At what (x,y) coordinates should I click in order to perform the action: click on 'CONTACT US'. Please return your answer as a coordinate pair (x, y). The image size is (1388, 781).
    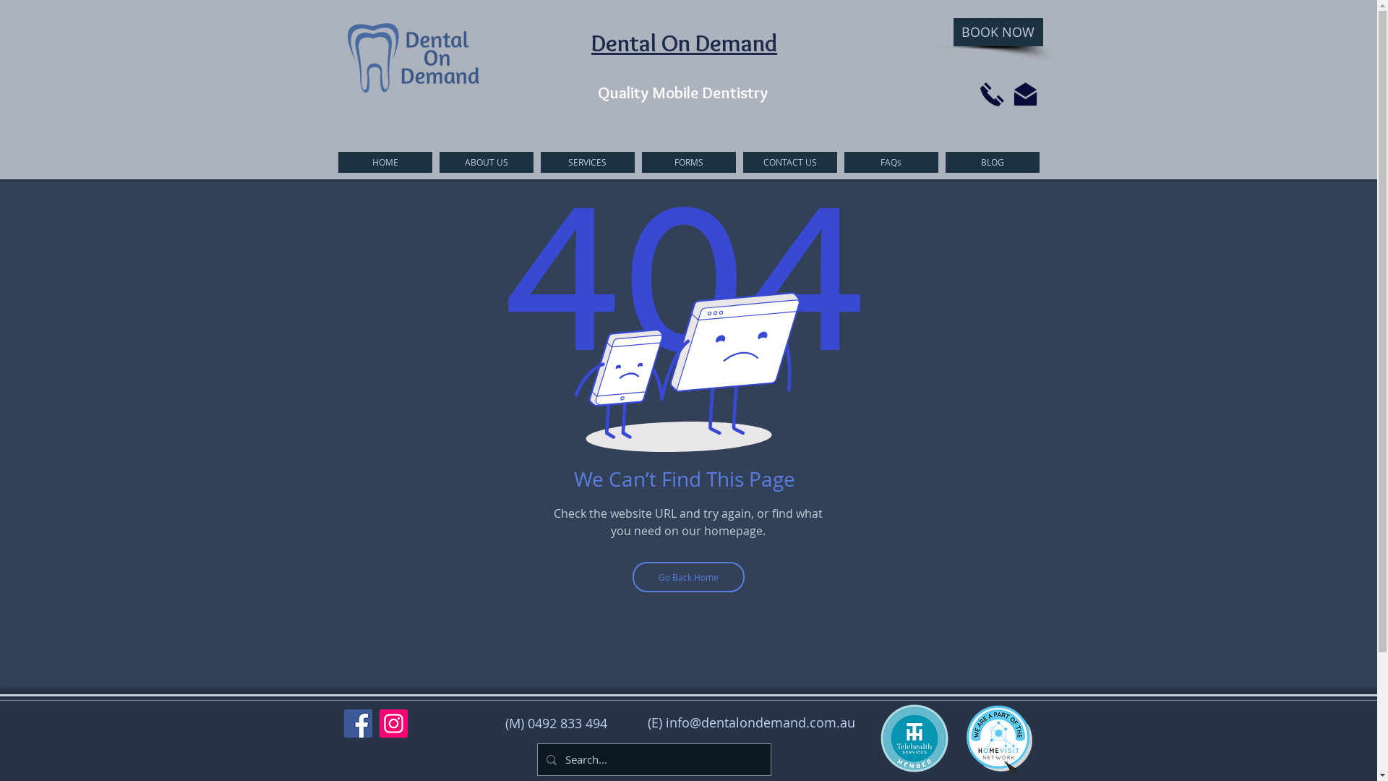
    Looking at the image, I should click on (789, 162).